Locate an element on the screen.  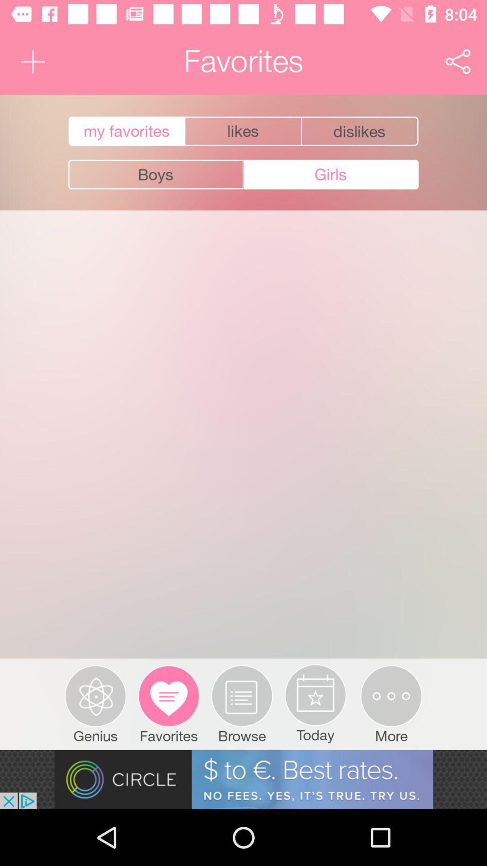
favourite options is located at coordinates (360, 131).